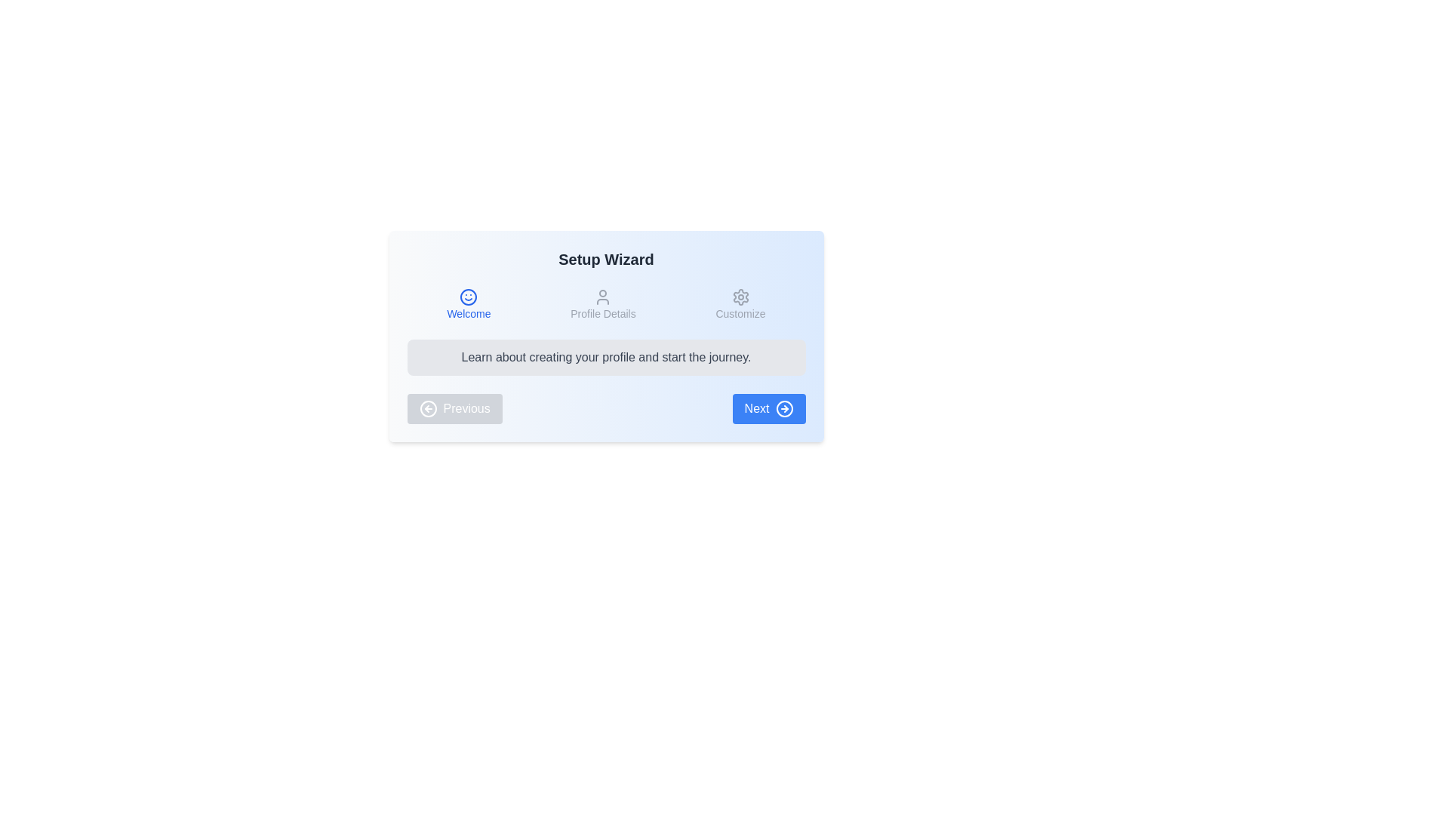 The height and width of the screenshot is (815, 1449). I want to click on the heading label that indicates the title of the current wizard step, positioned at the top-center of the setup wizard interface, so click(606, 258).